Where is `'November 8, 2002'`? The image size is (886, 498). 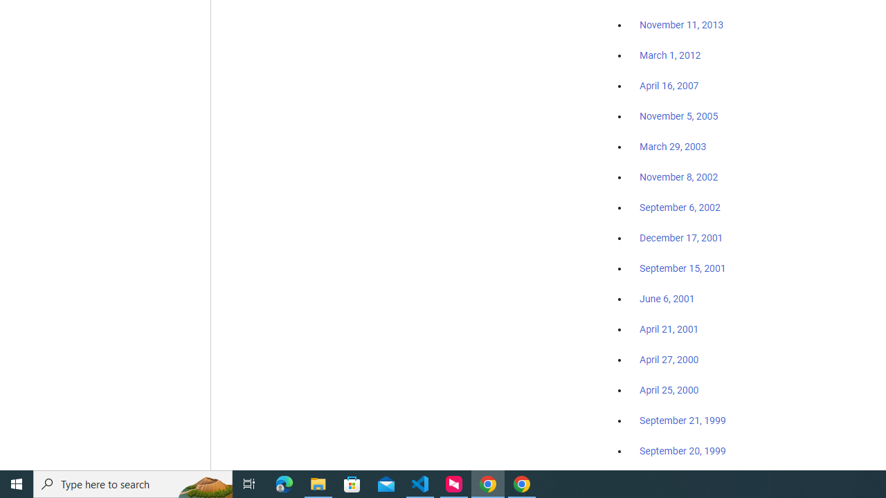
'November 8, 2002' is located at coordinates (679, 176).